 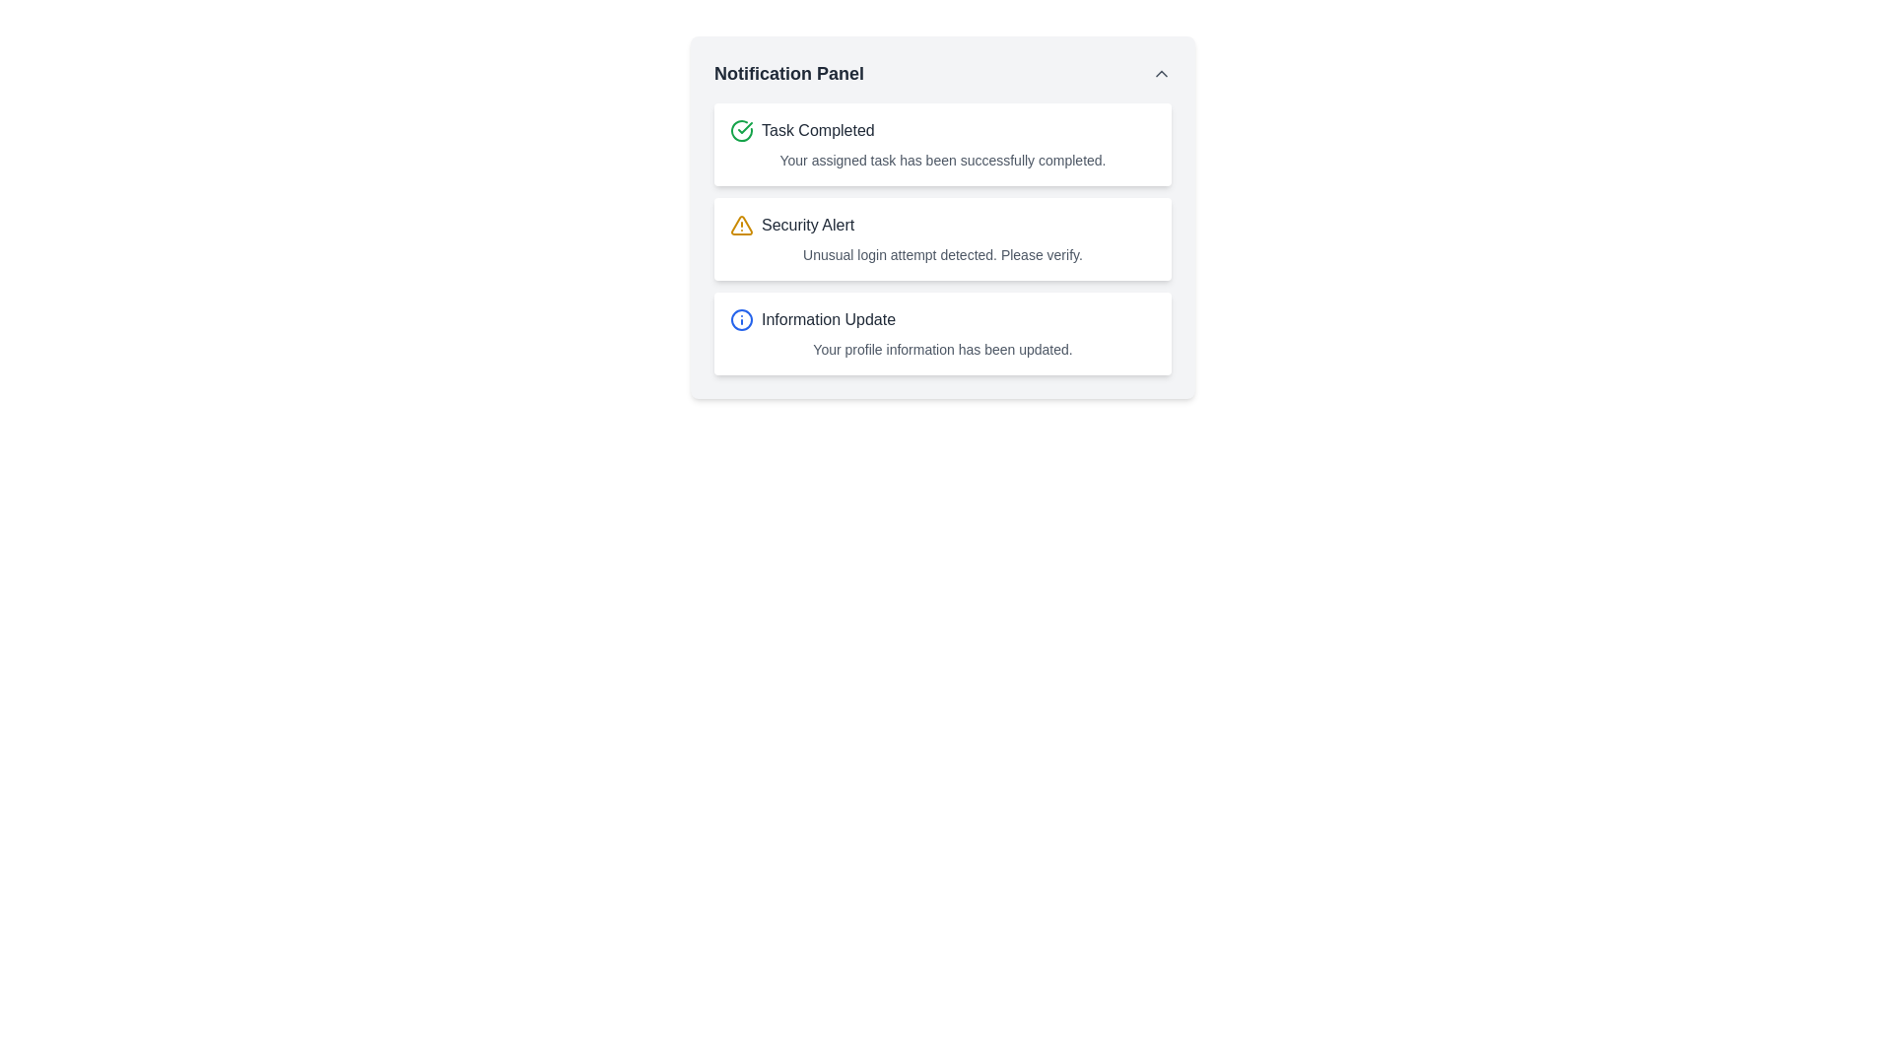 What do you see at coordinates (741, 318) in the screenshot?
I see `the 'Information Update' icon located to the left of the text in the third row of the notification panel` at bounding box center [741, 318].